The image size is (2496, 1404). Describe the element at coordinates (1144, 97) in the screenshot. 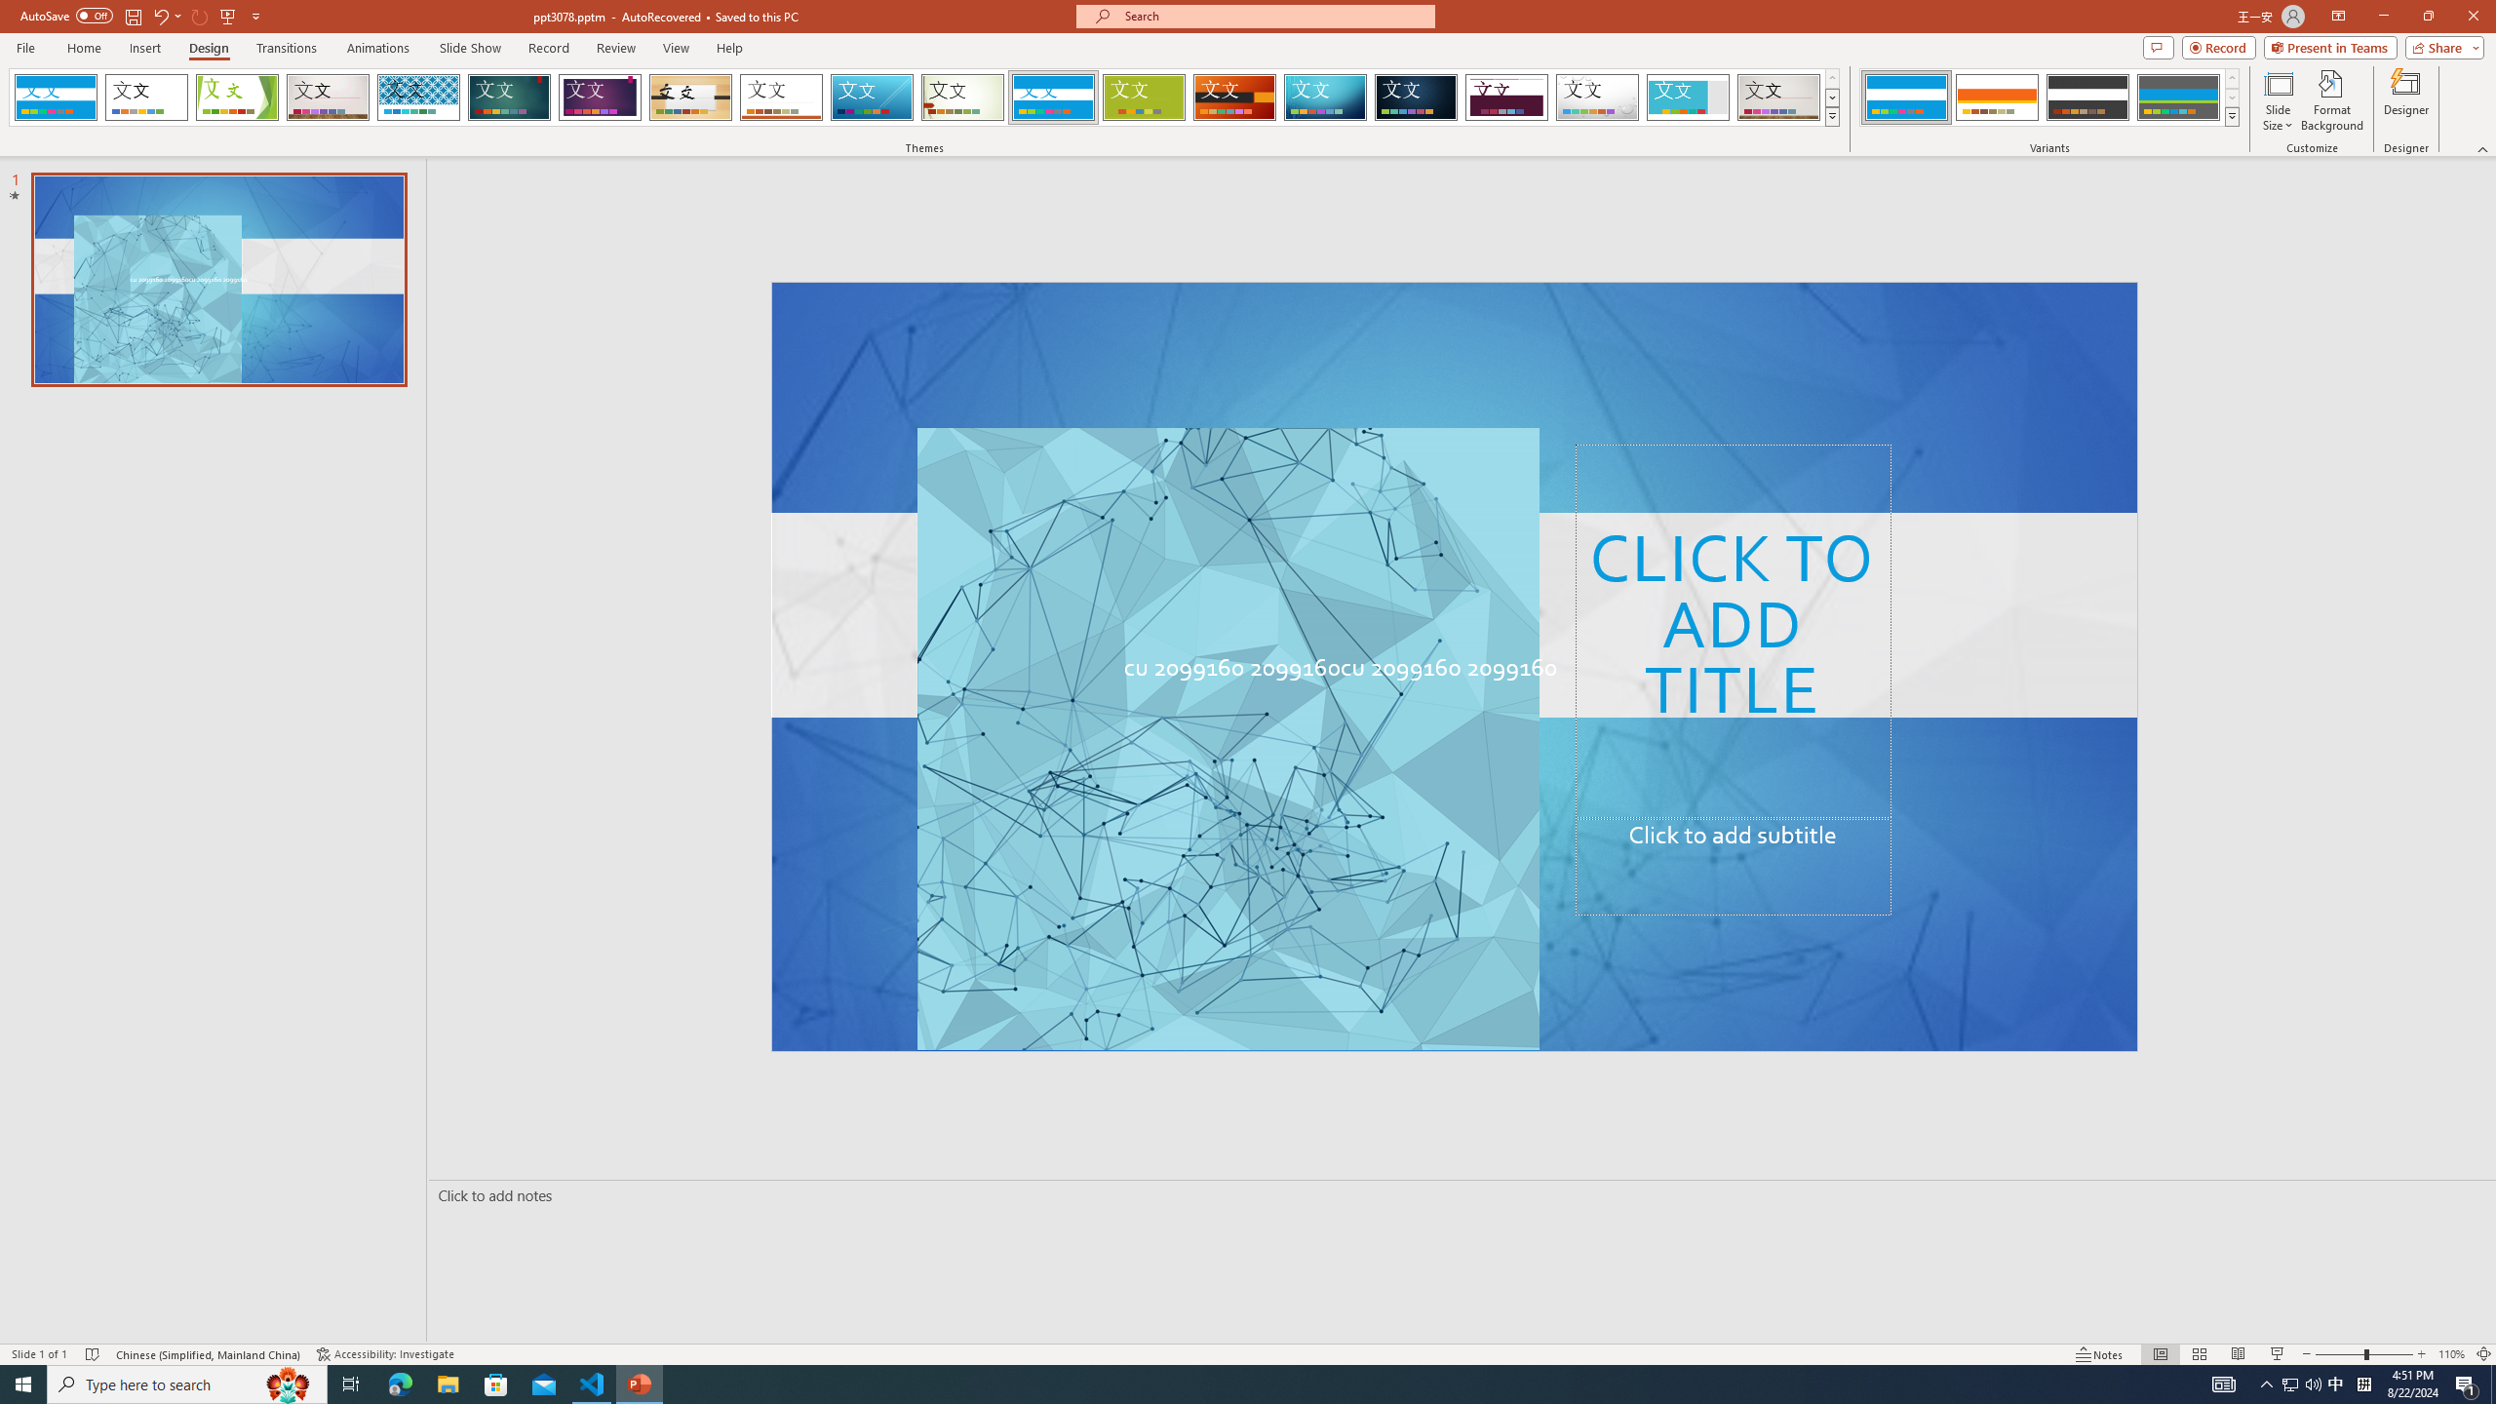

I see `'Basis'` at that location.